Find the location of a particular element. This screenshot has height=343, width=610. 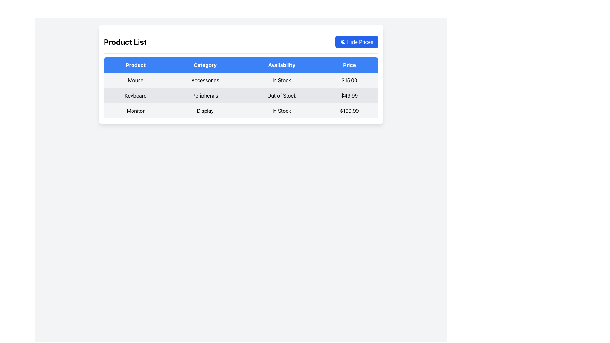

text content of the 'Peripherals' text block located in the 'Category' column of the table beneath the header row labeled 'Product, Category, Availability, Price' is located at coordinates (205, 95).